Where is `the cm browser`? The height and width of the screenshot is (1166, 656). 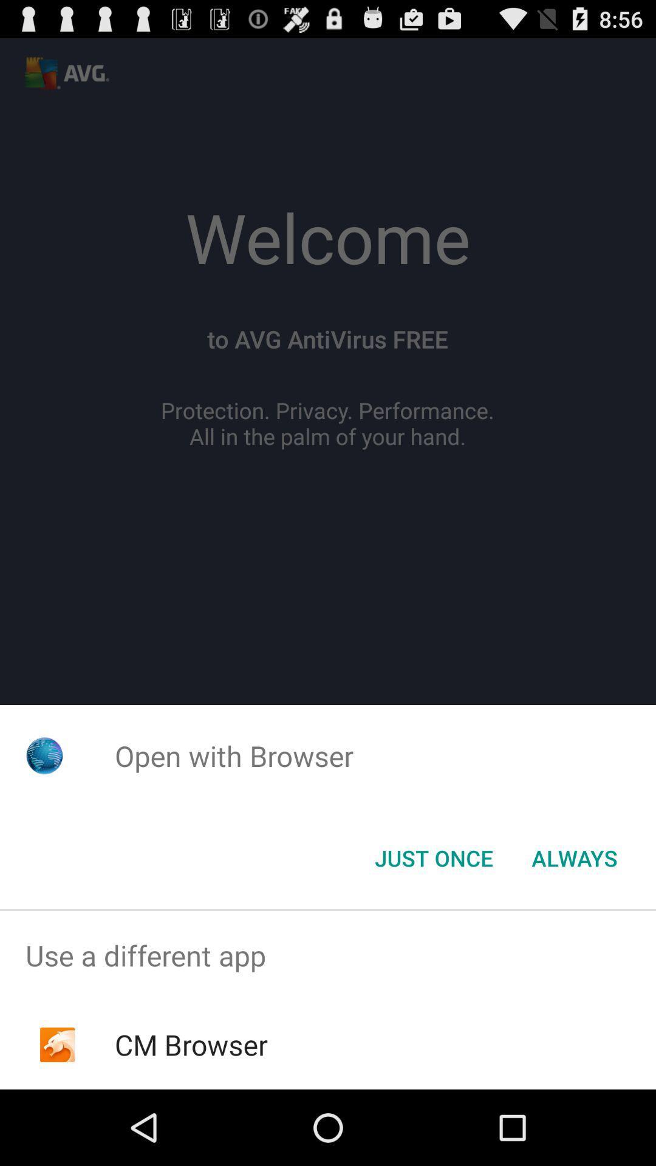
the cm browser is located at coordinates (191, 1044).